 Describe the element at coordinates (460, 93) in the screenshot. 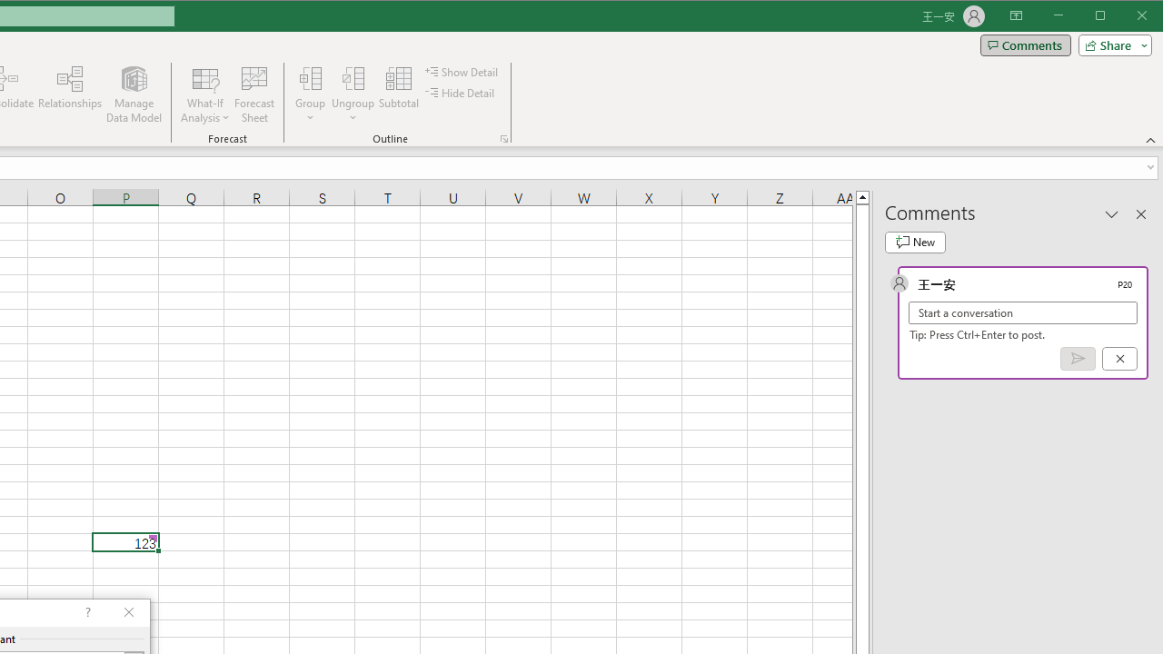

I see `'Hide Detail'` at that location.